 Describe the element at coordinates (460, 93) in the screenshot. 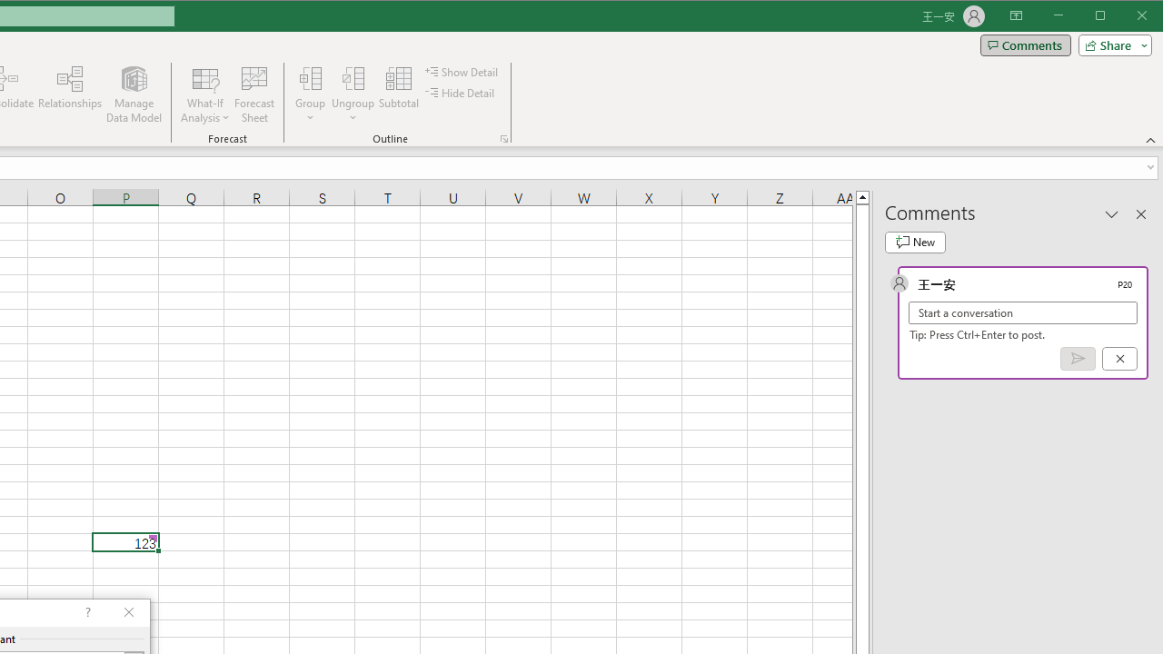

I see `'Hide Detail'` at that location.